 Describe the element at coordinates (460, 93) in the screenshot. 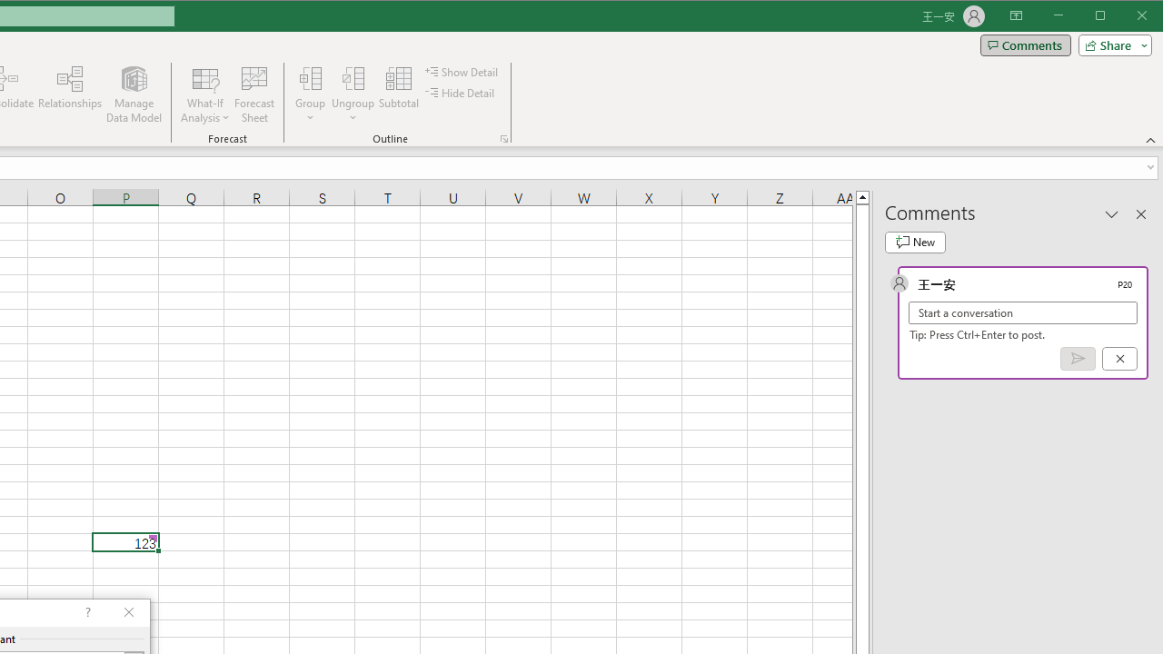

I see `'Hide Detail'` at that location.